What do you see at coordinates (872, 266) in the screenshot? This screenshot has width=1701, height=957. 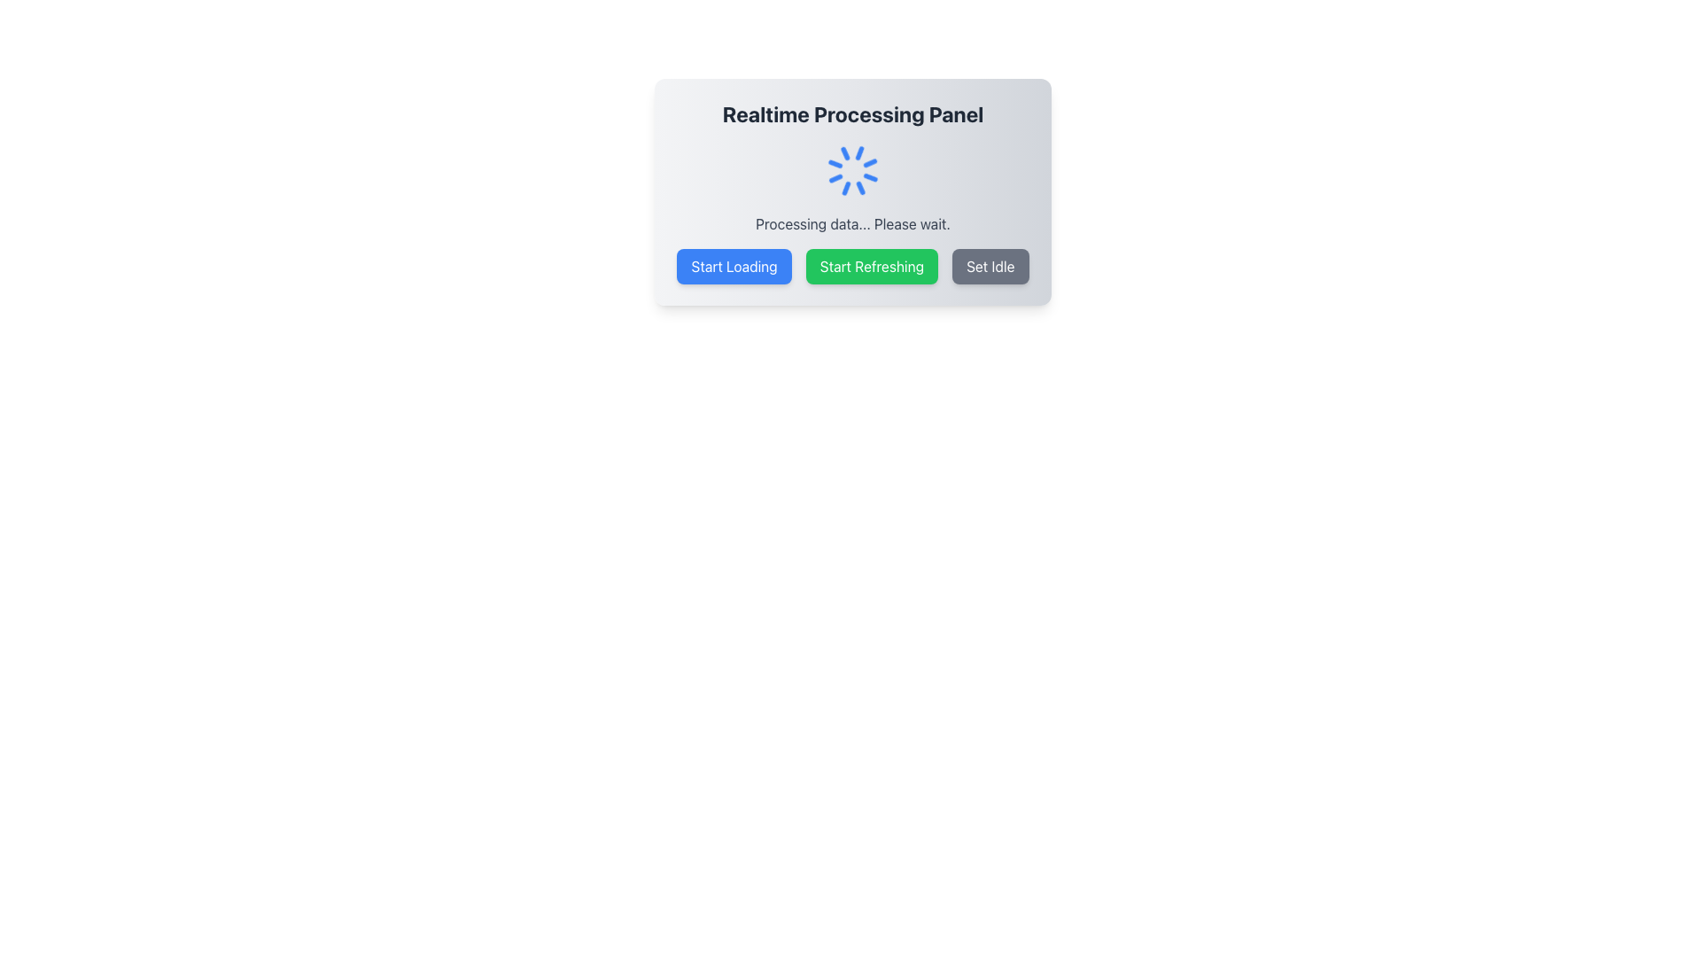 I see `the green 'Start Refreshing' button, which is the second button in a row of three, to change its background color to a darker green` at bounding box center [872, 266].